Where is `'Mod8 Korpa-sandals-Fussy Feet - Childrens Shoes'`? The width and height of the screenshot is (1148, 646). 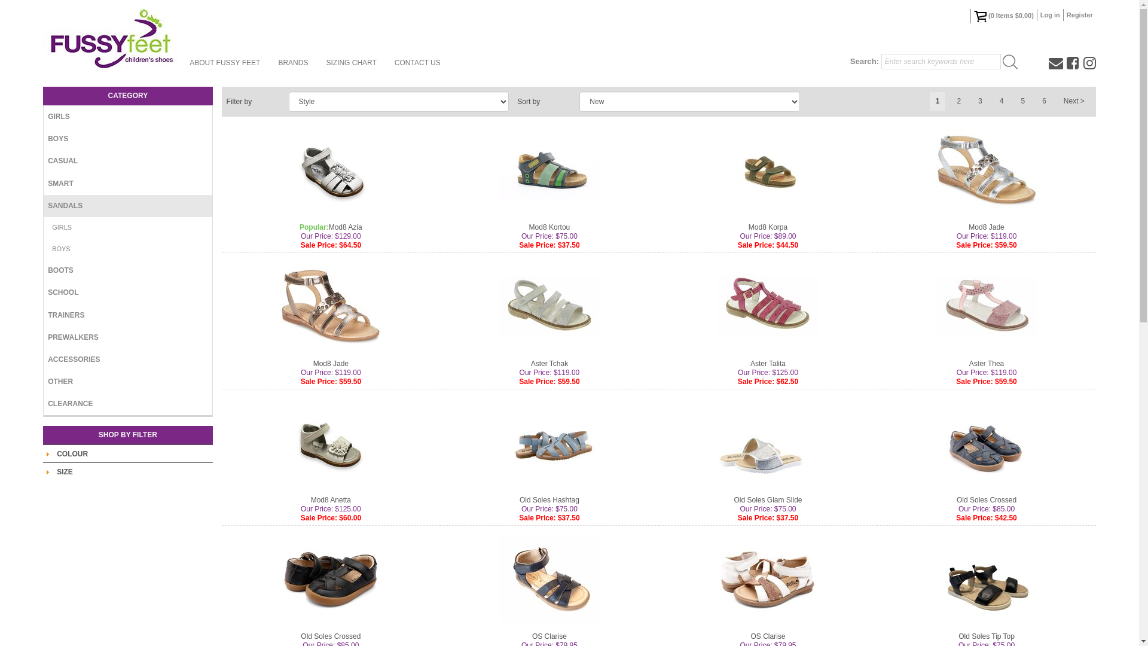
'Mod8 Korpa-sandals-Fussy Feet - Childrens Shoes' is located at coordinates (767, 170).